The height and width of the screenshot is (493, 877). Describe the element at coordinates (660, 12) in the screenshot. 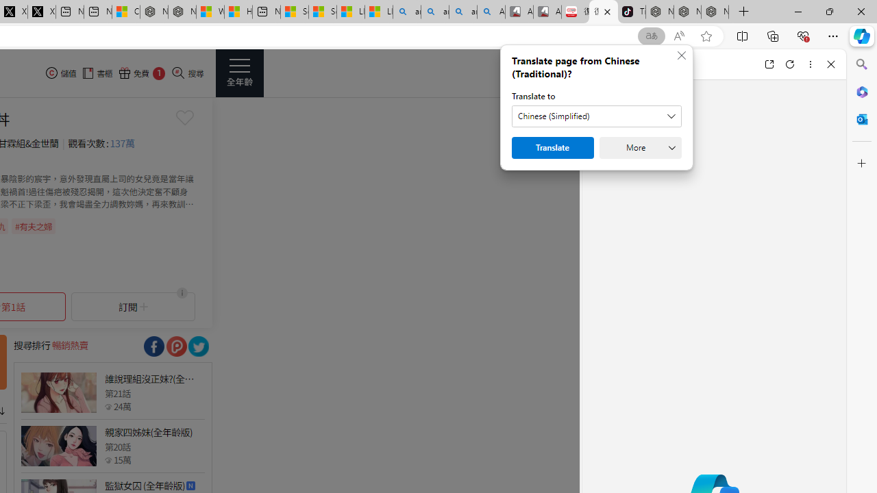

I see `'Nordace - Best Sellers'` at that location.